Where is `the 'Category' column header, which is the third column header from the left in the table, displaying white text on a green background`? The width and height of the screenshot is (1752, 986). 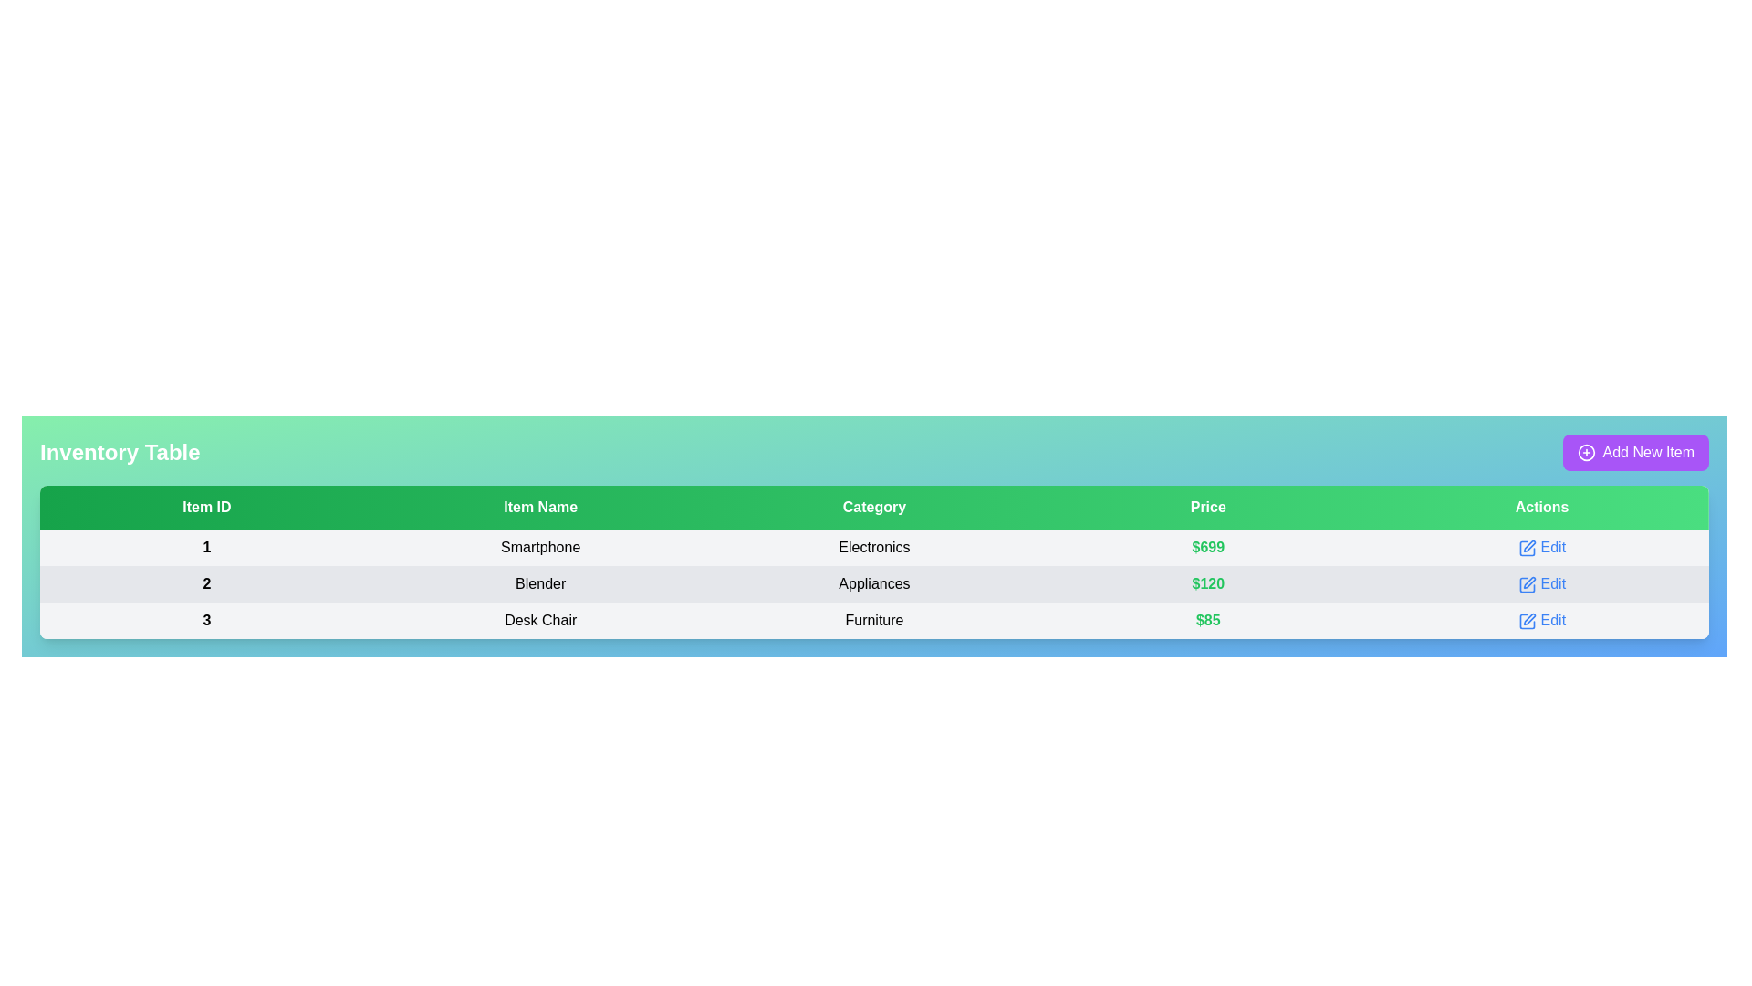 the 'Category' column header, which is the third column header from the left in the table, displaying white text on a green background is located at coordinates (873, 507).